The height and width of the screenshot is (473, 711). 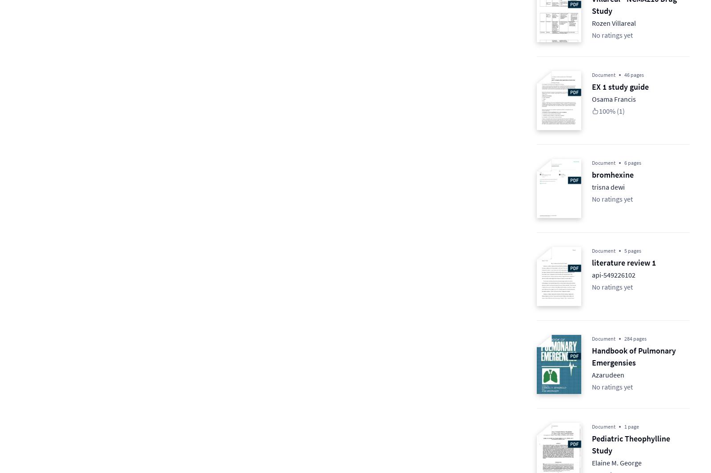 What do you see at coordinates (620, 86) in the screenshot?
I see `'EX 1 study guide'` at bounding box center [620, 86].